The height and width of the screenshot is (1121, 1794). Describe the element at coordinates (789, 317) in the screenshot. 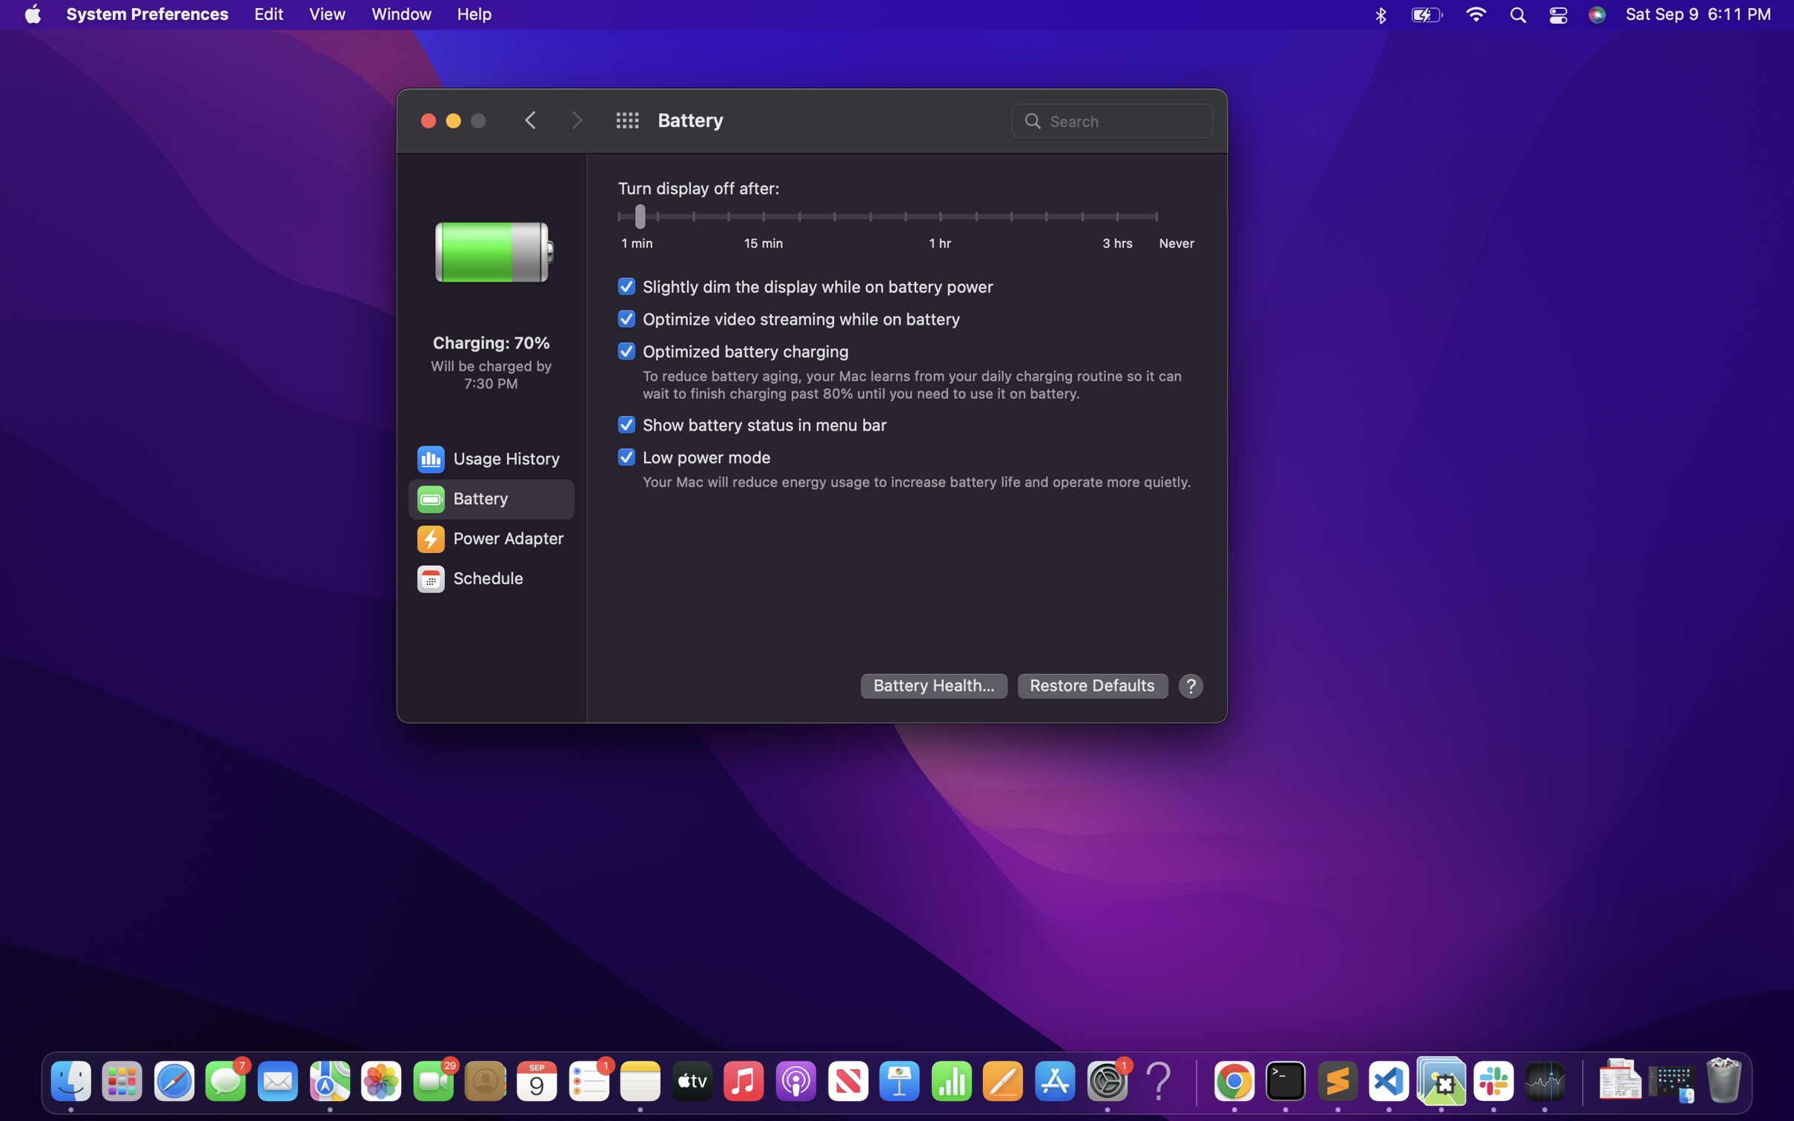

I see `Optimize video streaming while on battery` at that location.